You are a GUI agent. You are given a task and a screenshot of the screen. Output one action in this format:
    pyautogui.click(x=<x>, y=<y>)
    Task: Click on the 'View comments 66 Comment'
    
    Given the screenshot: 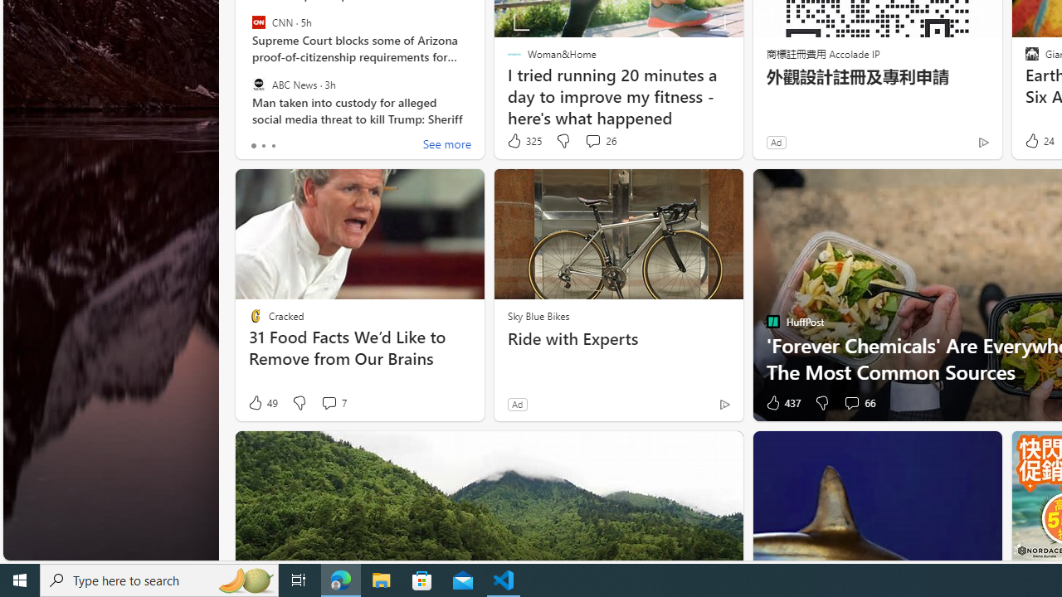 What is the action you would take?
    pyautogui.click(x=859, y=403)
    